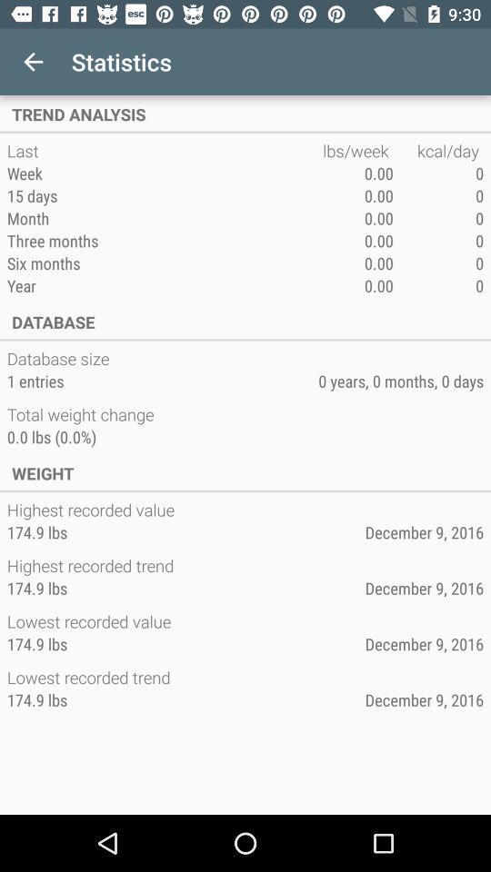  What do you see at coordinates (437, 150) in the screenshot?
I see `the icon above 0.00 icon` at bounding box center [437, 150].